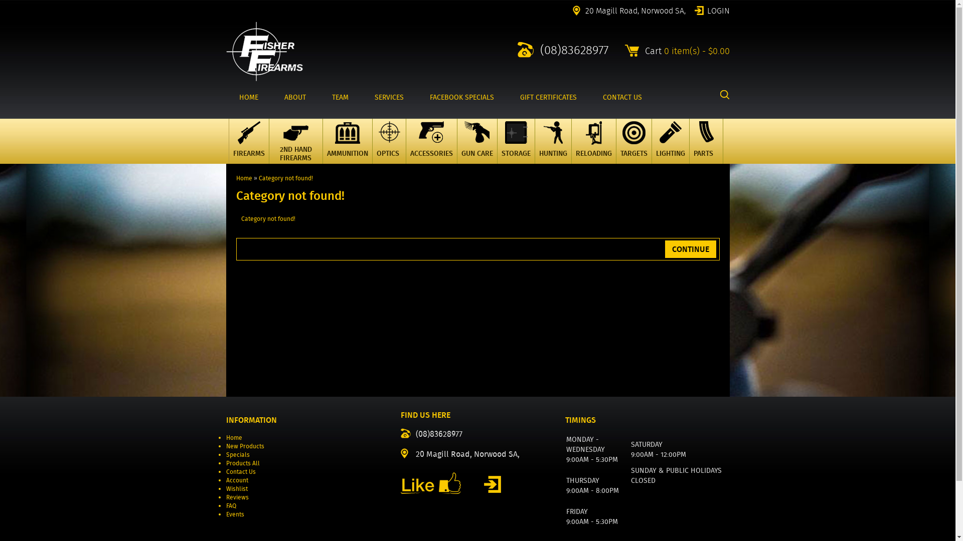 This screenshot has height=541, width=963. What do you see at coordinates (230, 505) in the screenshot?
I see `'FAQ'` at bounding box center [230, 505].